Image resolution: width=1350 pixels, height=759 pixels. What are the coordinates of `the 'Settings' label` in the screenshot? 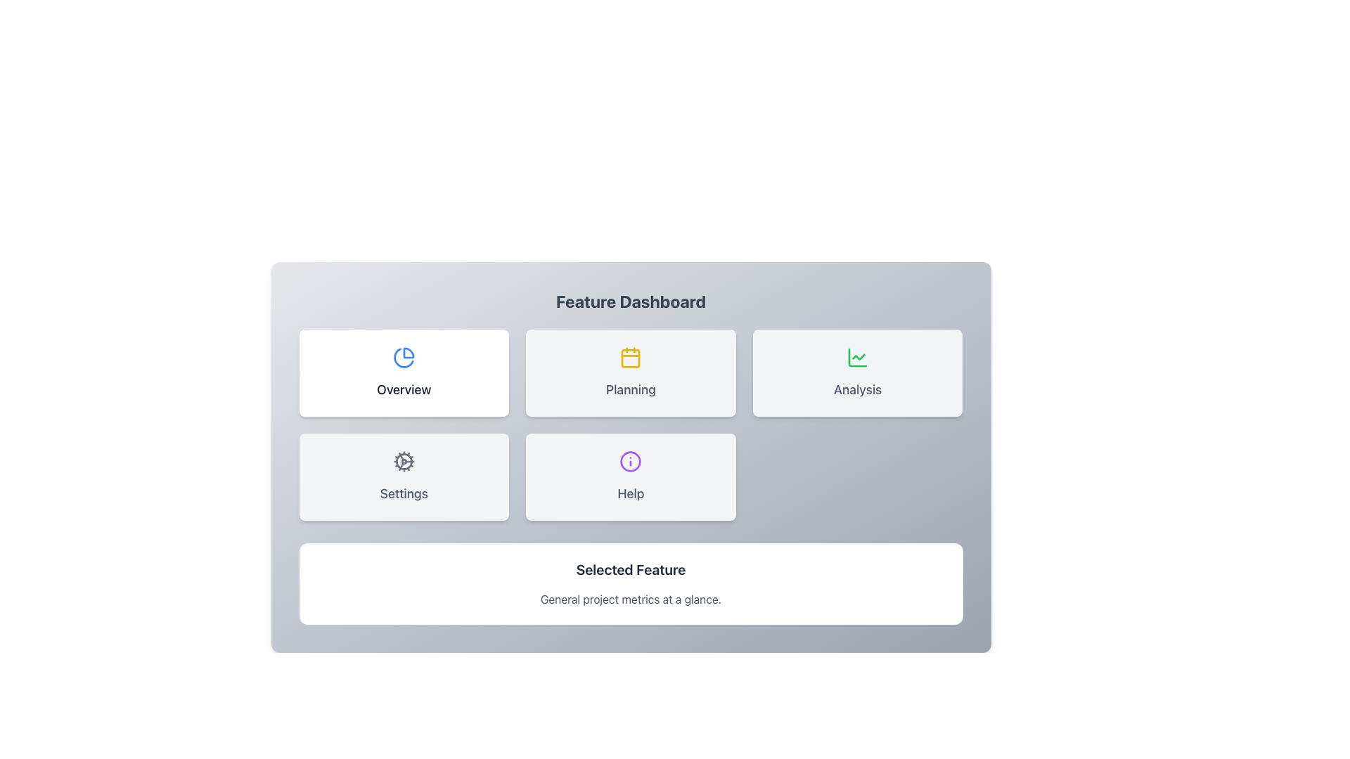 It's located at (403, 493).